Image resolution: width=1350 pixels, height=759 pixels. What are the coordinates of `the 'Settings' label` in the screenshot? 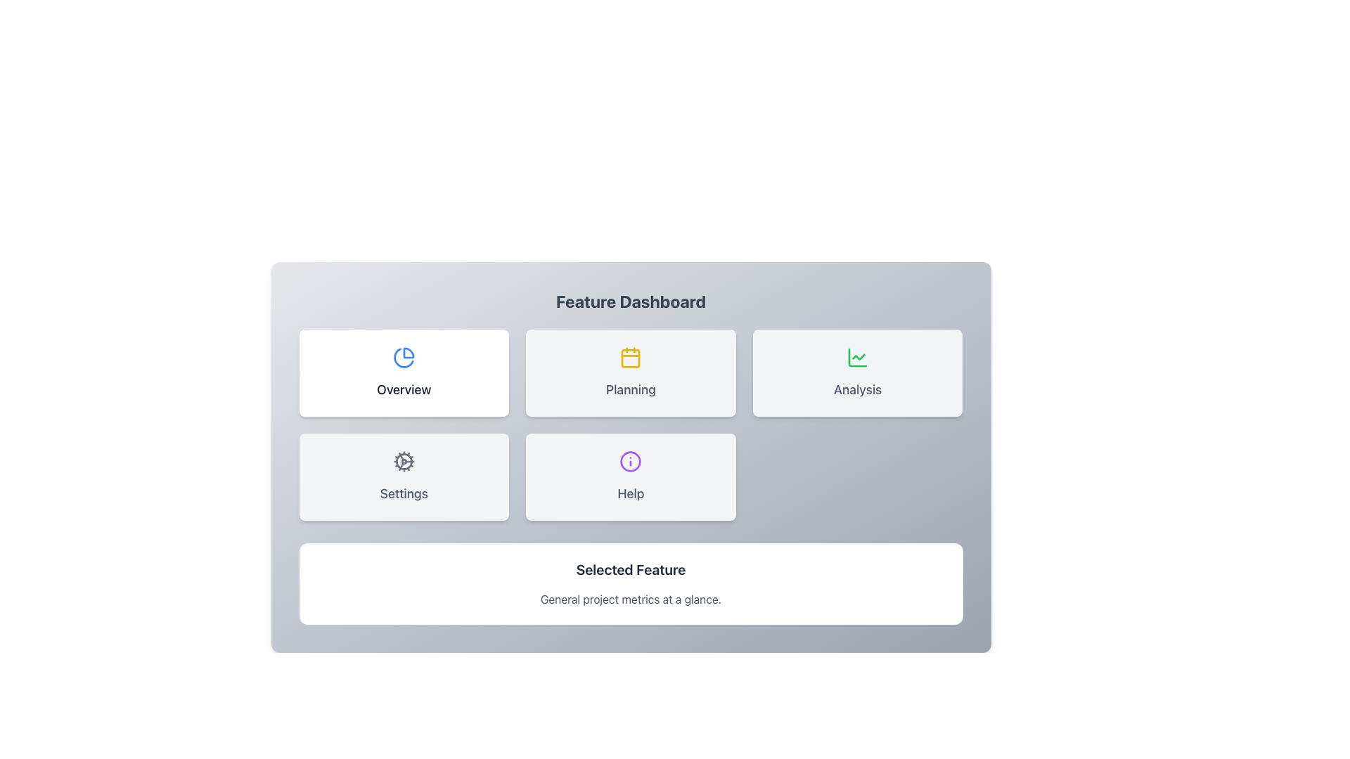 It's located at (403, 493).